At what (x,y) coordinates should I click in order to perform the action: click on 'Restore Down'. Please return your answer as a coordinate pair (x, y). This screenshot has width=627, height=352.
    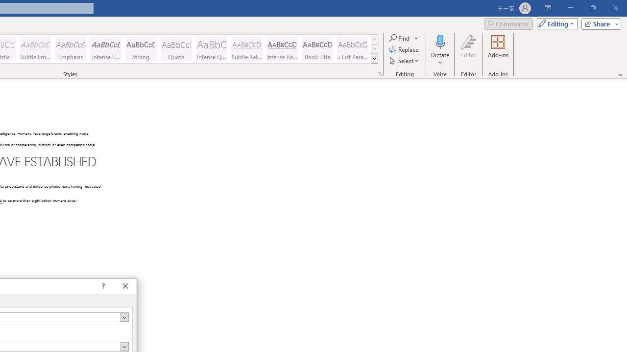
    Looking at the image, I should click on (592, 8).